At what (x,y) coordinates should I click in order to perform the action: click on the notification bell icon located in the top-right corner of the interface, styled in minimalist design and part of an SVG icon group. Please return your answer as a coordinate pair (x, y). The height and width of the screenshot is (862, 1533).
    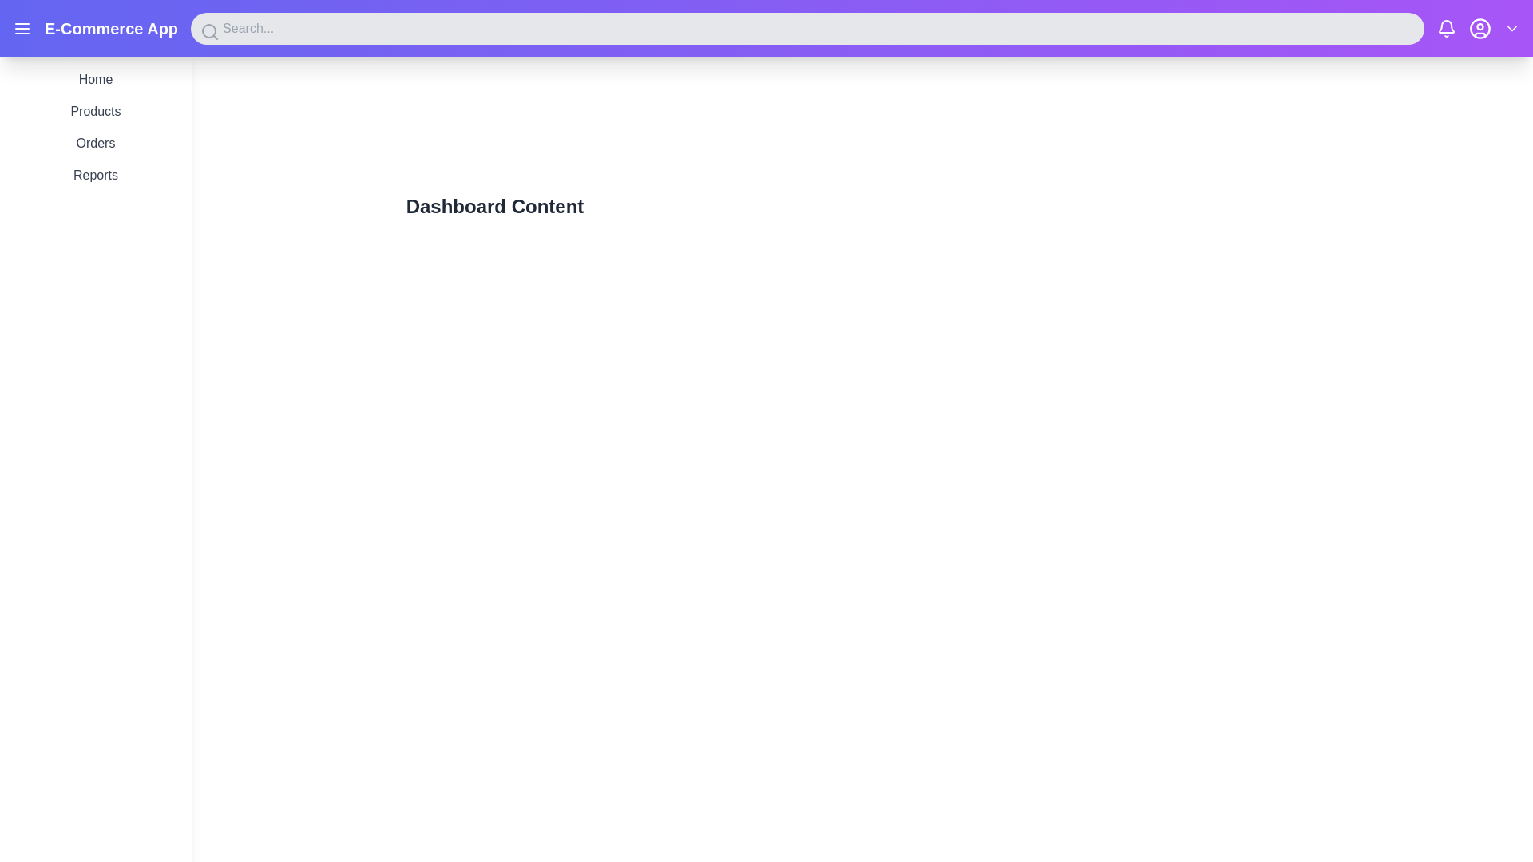
    Looking at the image, I should click on (1446, 26).